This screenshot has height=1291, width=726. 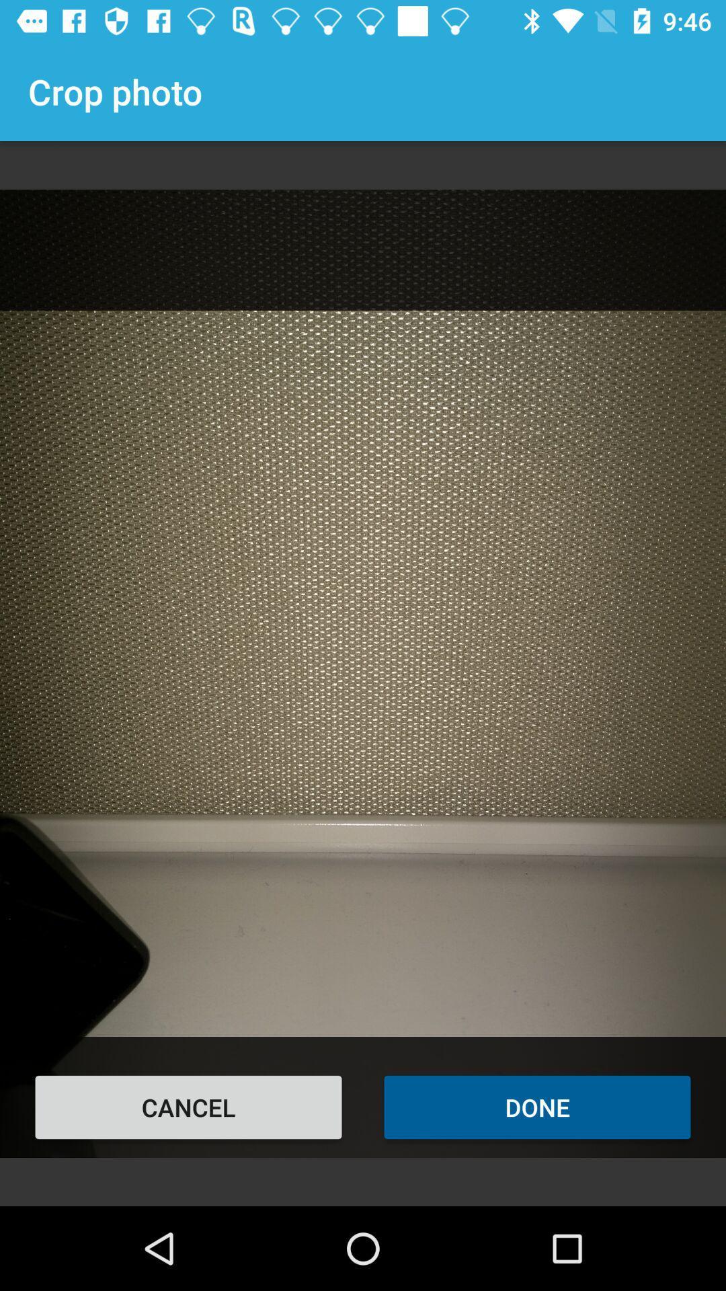 I want to click on done icon, so click(x=536, y=1107).